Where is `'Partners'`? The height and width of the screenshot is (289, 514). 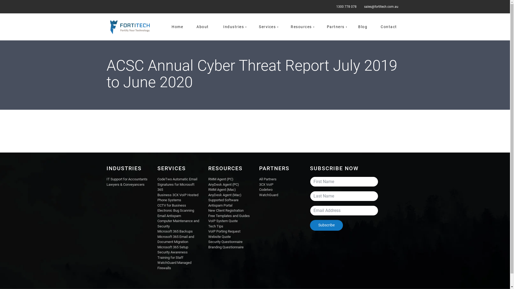 'Partners' is located at coordinates (335, 27).